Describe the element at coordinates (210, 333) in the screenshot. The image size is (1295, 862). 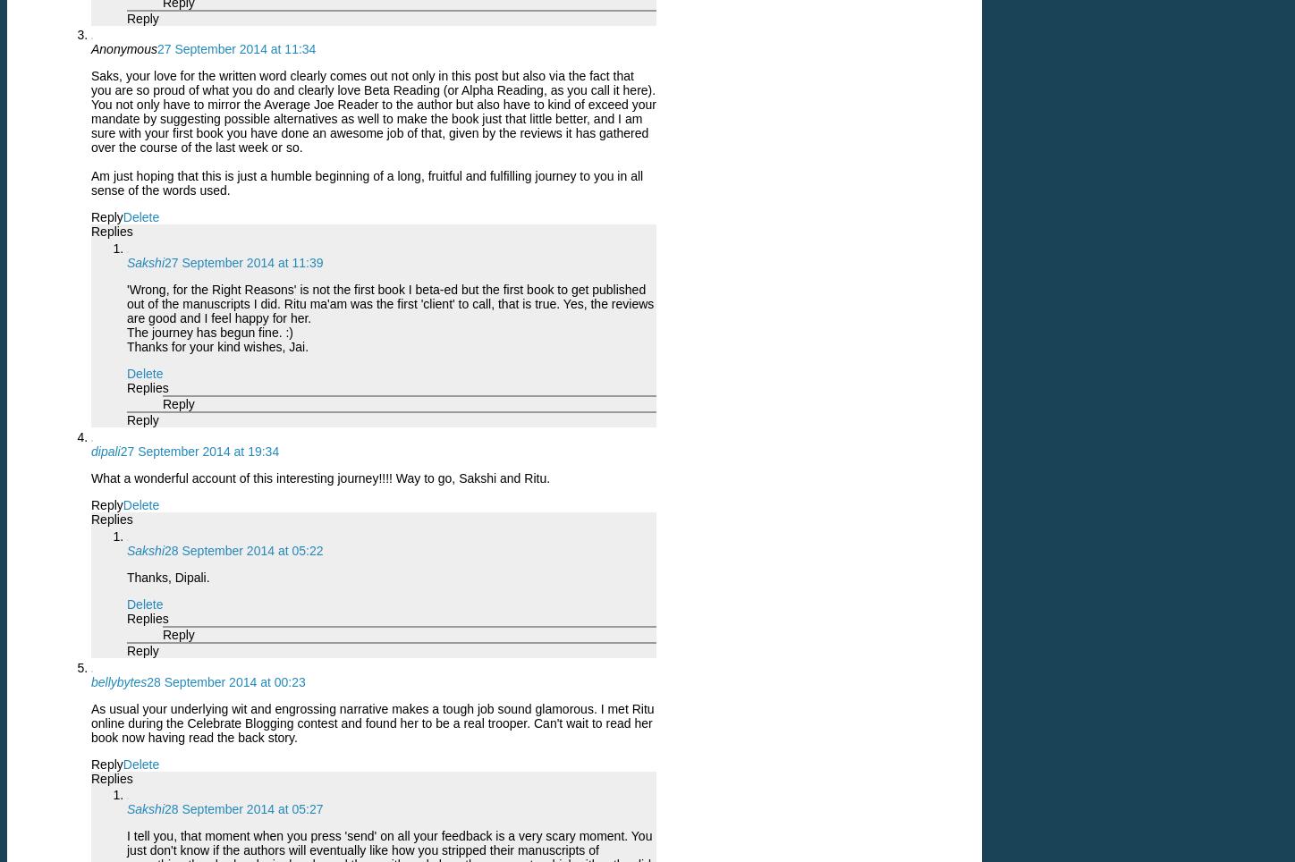
I see `'The journey has begun fine. :)'` at that location.